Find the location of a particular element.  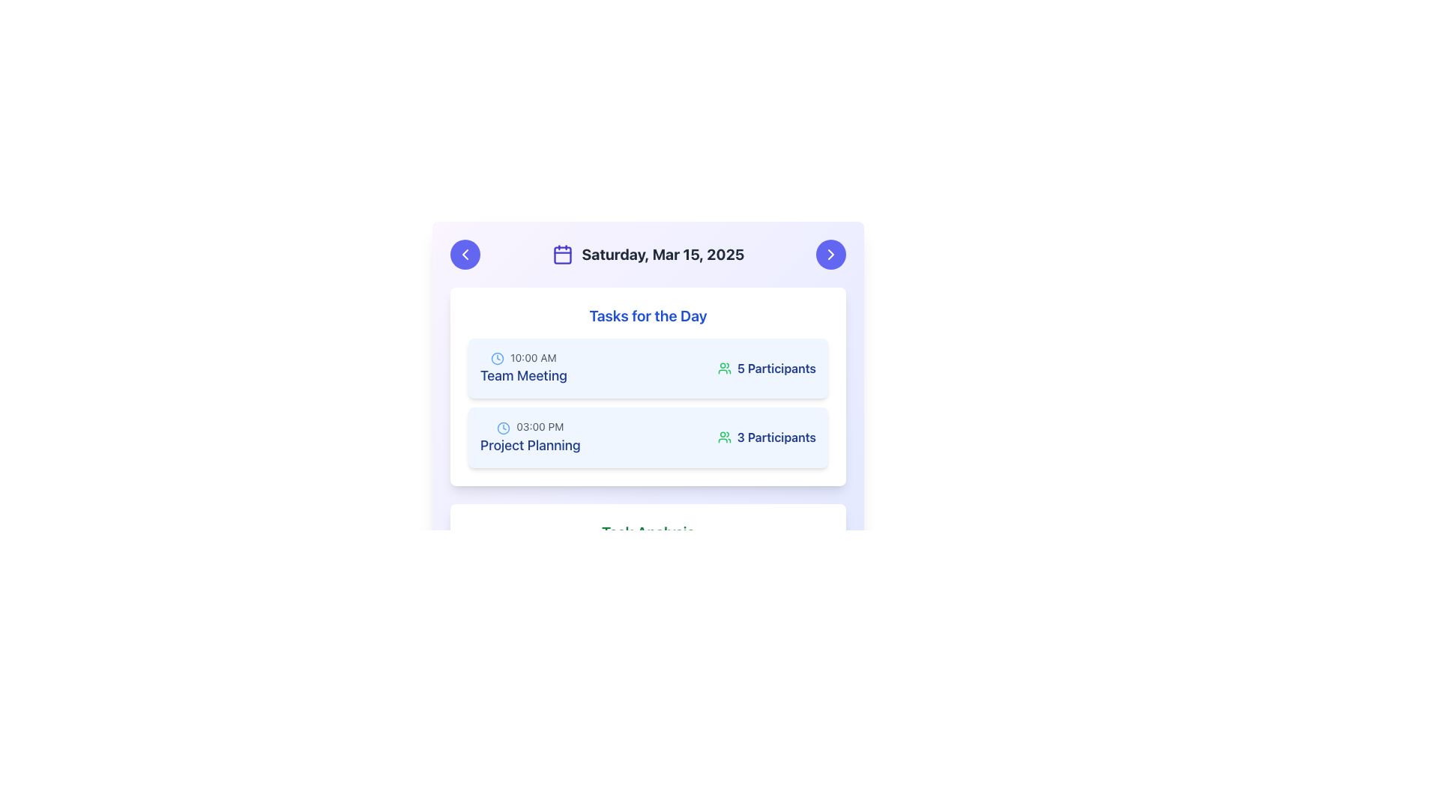

the left-facing chevron icon located in the leftmost circular button of the header bar, positioned beside a date display is located at coordinates (464, 253).